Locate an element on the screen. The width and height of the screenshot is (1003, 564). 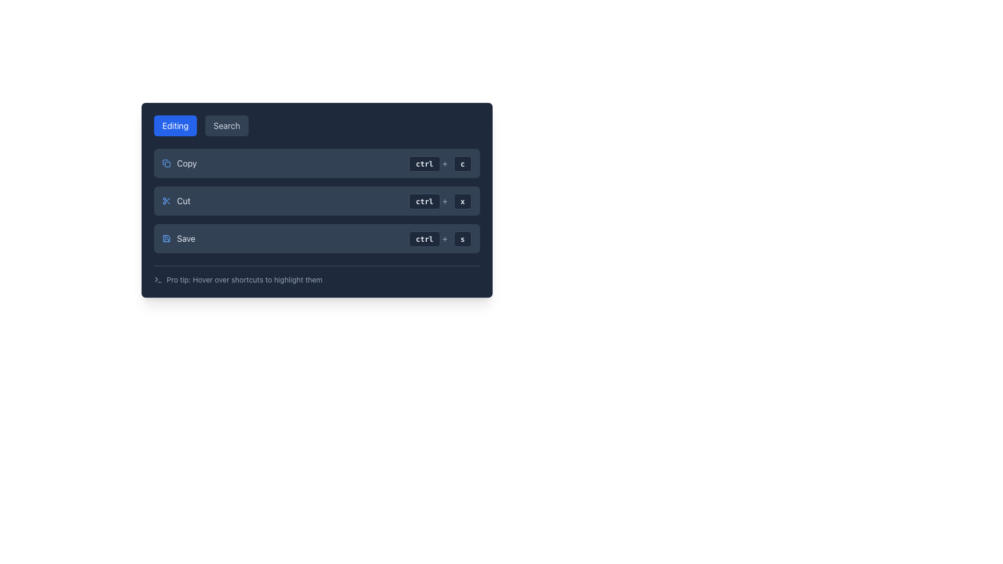
the informational text element that provides tips on interacting with shortcuts, located at the bottom of the dialog box is located at coordinates (316, 275).